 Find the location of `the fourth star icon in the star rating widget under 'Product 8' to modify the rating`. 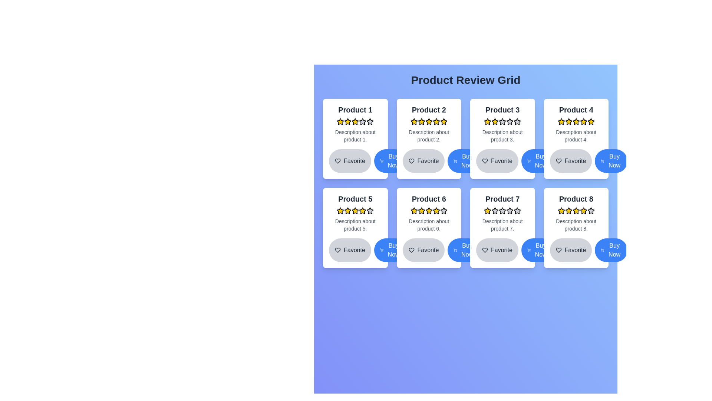

the fourth star icon in the star rating widget under 'Product 8' to modify the rating is located at coordinates (583, 211).